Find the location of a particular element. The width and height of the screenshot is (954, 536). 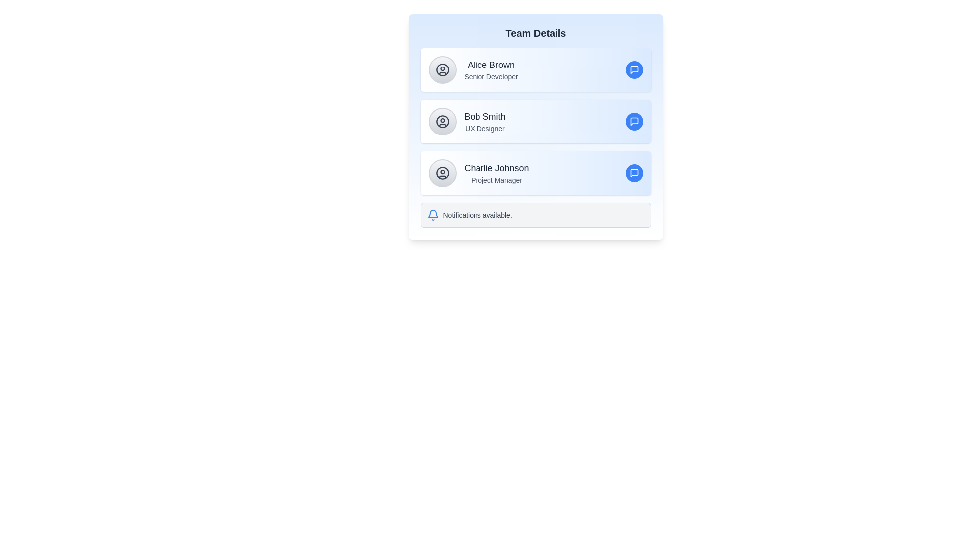

the Text label that indicates the role 'UX Designer' for 'Bob Smith' in the team details context is located at coordinates (484, 128).